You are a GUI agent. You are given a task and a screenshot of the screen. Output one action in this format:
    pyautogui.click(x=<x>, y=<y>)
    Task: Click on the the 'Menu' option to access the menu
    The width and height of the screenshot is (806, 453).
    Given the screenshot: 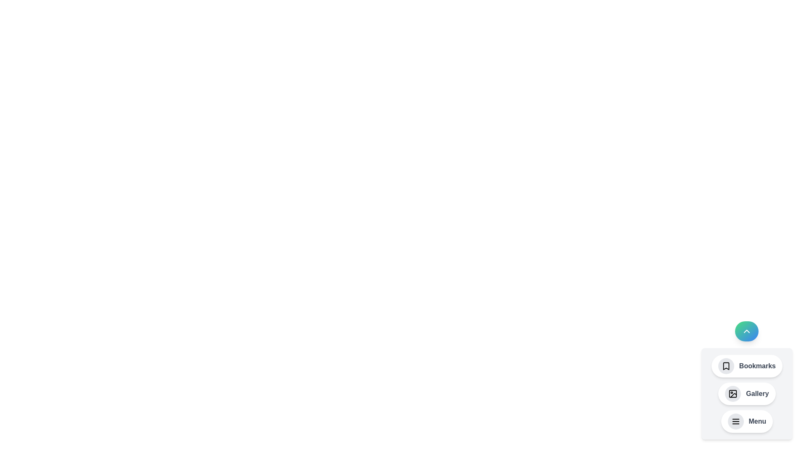 What is the action you would take?
    pyautogui.click(x=747, y=422)
    